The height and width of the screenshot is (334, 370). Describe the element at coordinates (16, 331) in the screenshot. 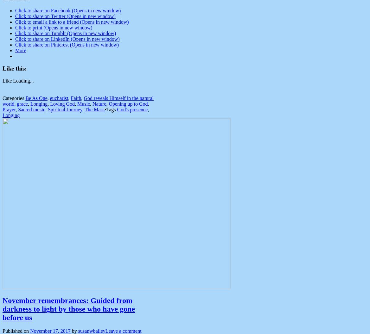

I see `'Published on'` at that location.